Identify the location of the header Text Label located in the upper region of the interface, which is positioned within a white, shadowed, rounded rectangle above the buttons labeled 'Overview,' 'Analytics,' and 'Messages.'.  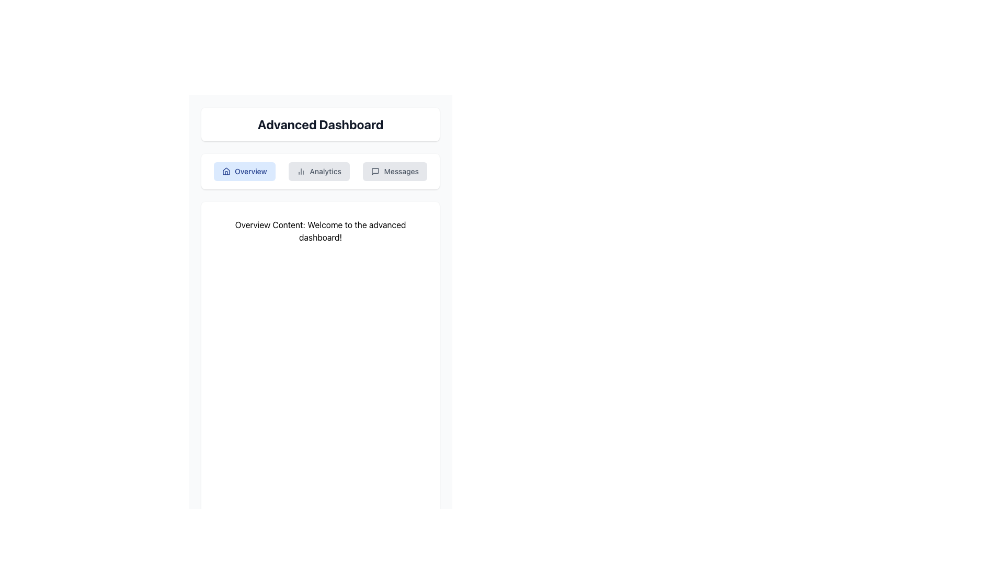
(320, 124).